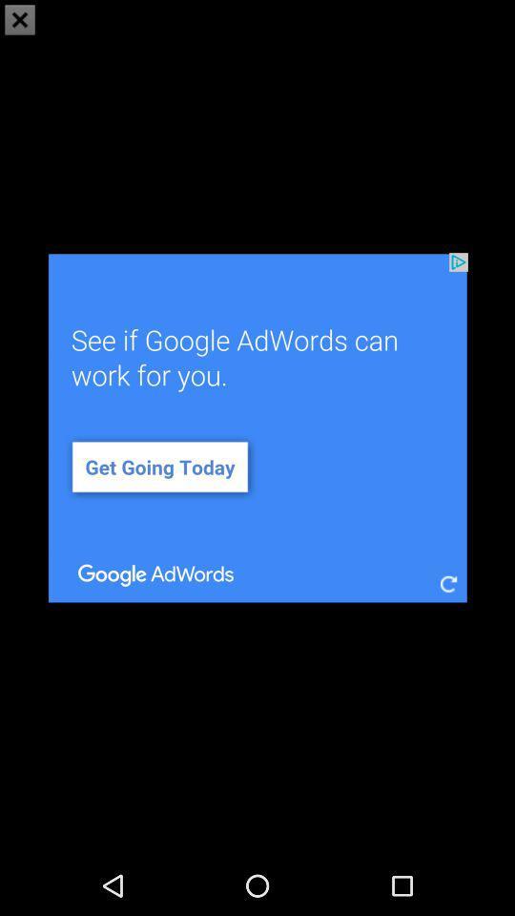  What do you see at coordinates (257, 427) in the screenshot?
I see `the icon at the center` at bounding box center [257, 427].